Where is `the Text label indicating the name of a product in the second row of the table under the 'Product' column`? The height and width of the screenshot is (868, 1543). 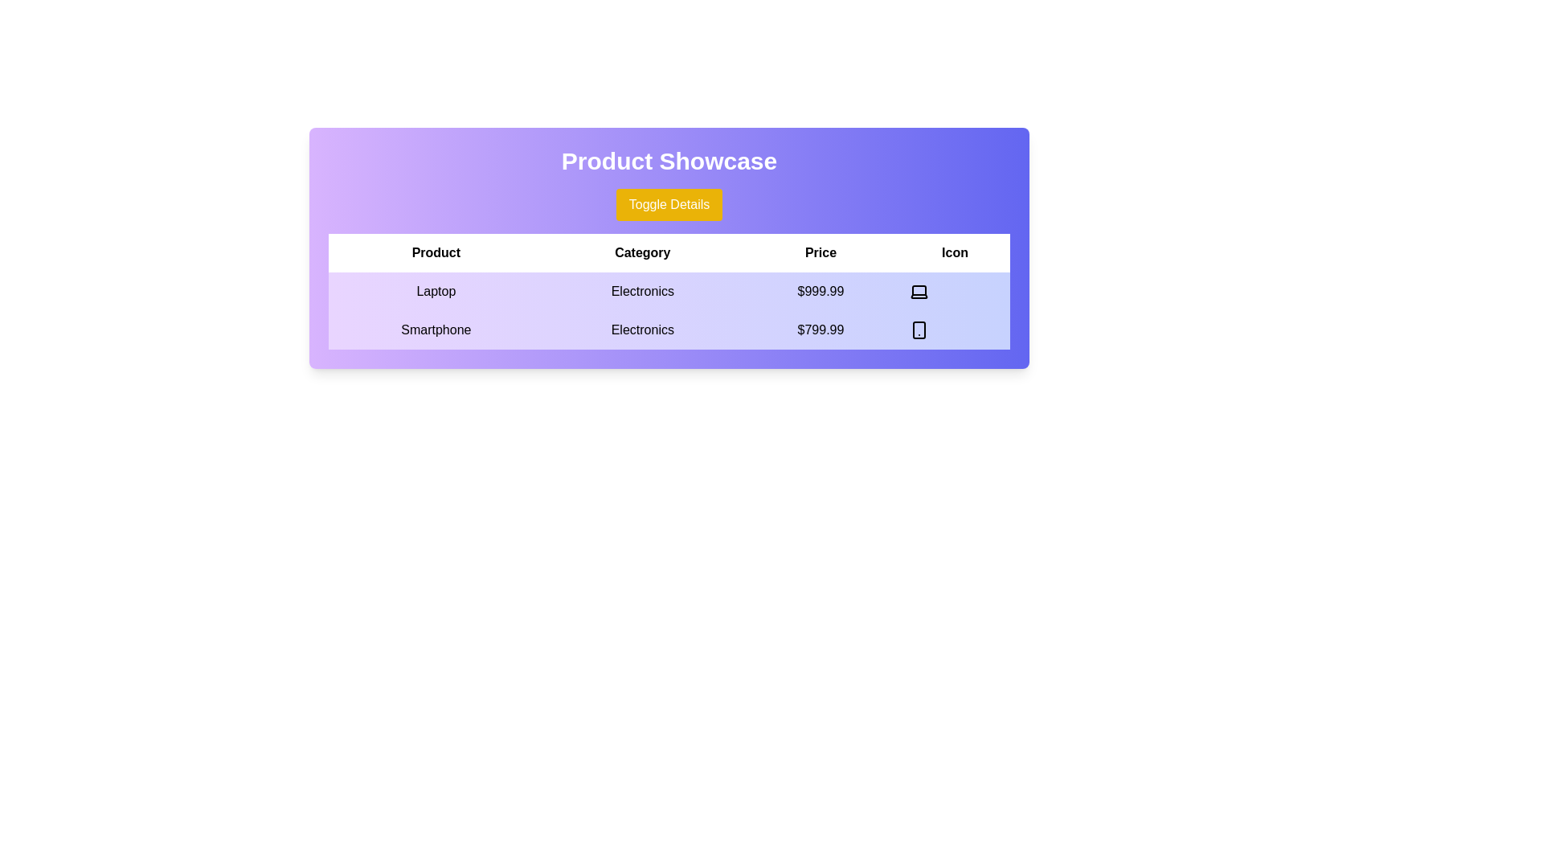 the Text label indicating the name of a product in the second row of the table under the 'Product' column is located at coordinates (436, 330).